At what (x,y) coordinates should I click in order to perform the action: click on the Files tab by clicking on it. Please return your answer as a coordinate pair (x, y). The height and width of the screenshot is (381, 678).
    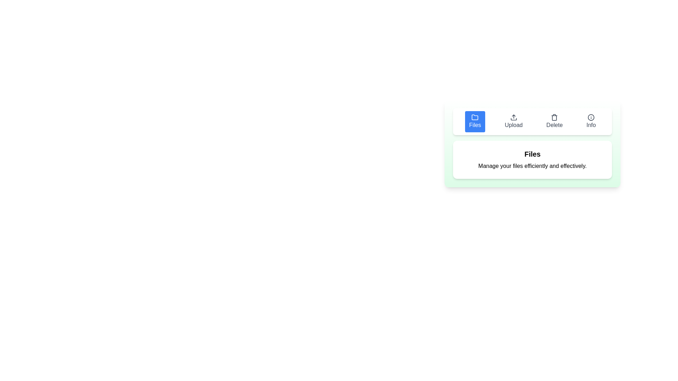
    Looking at the image, I should click on (475, 121).